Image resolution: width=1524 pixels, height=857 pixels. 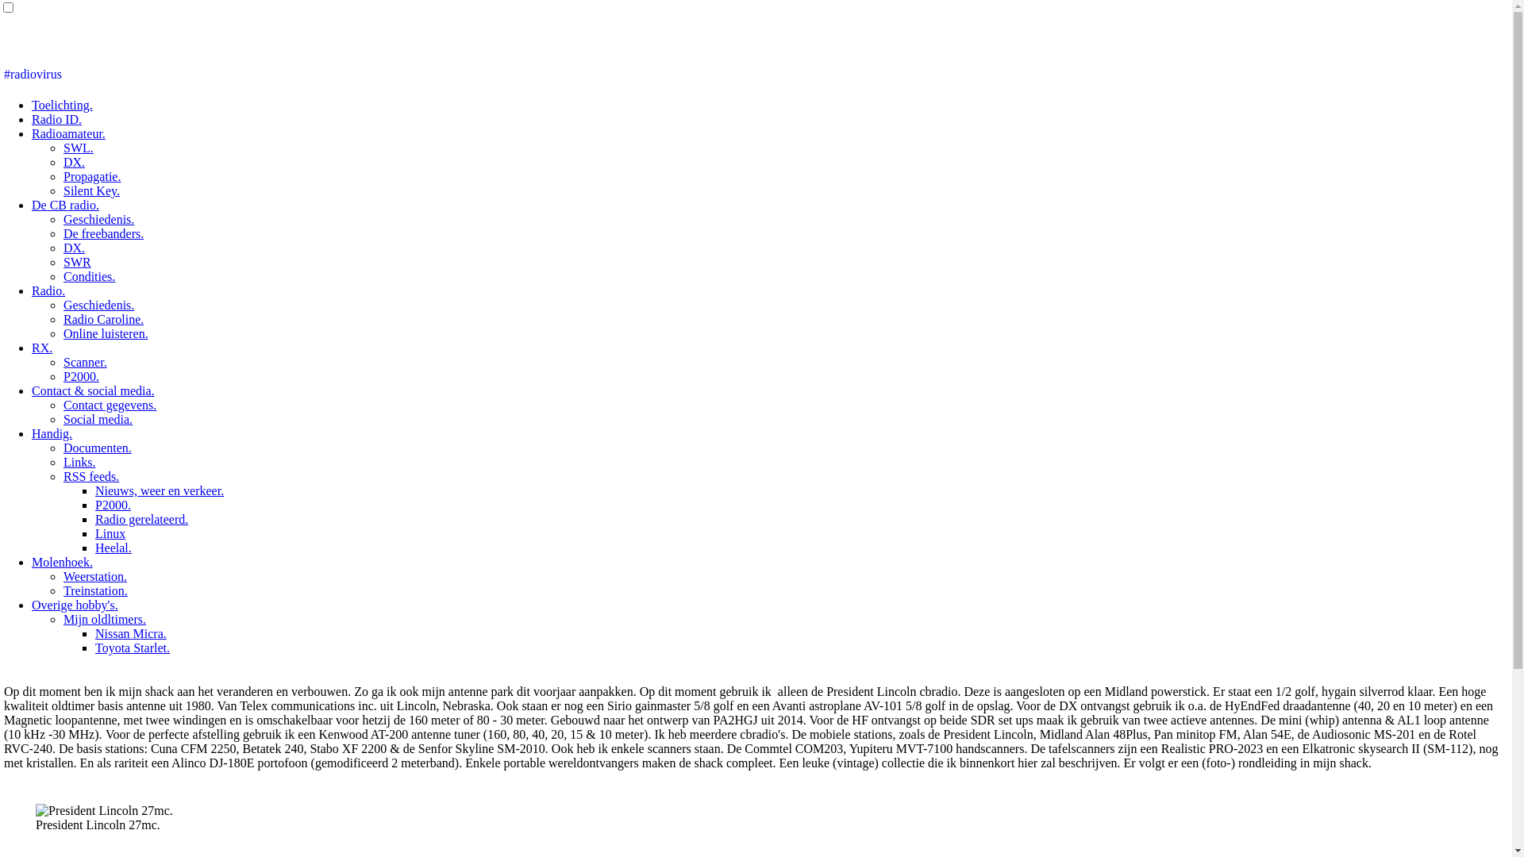 I want to click on 'Linux', so click(x=94, y=533).